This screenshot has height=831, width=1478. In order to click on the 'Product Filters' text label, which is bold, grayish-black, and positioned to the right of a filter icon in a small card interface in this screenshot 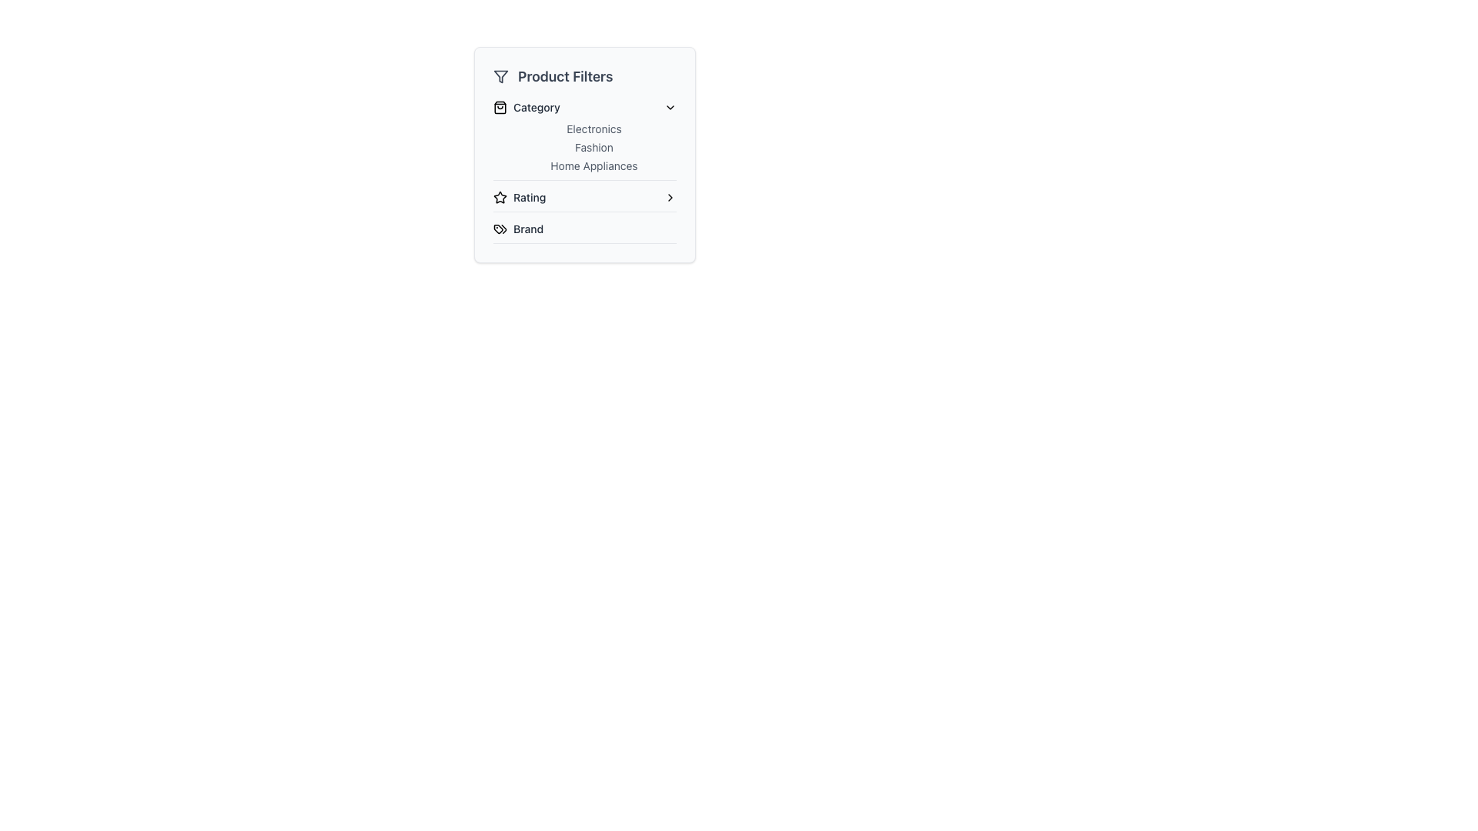, I will do `click(564, 77)`.